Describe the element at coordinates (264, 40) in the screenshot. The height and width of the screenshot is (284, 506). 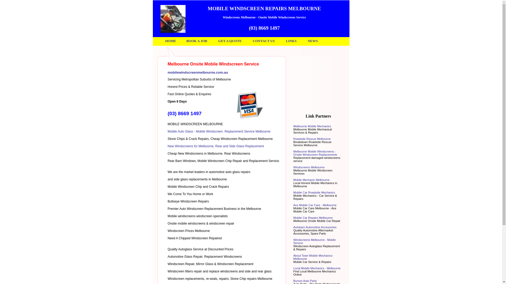
I see `'CONTACT US'` at that location.